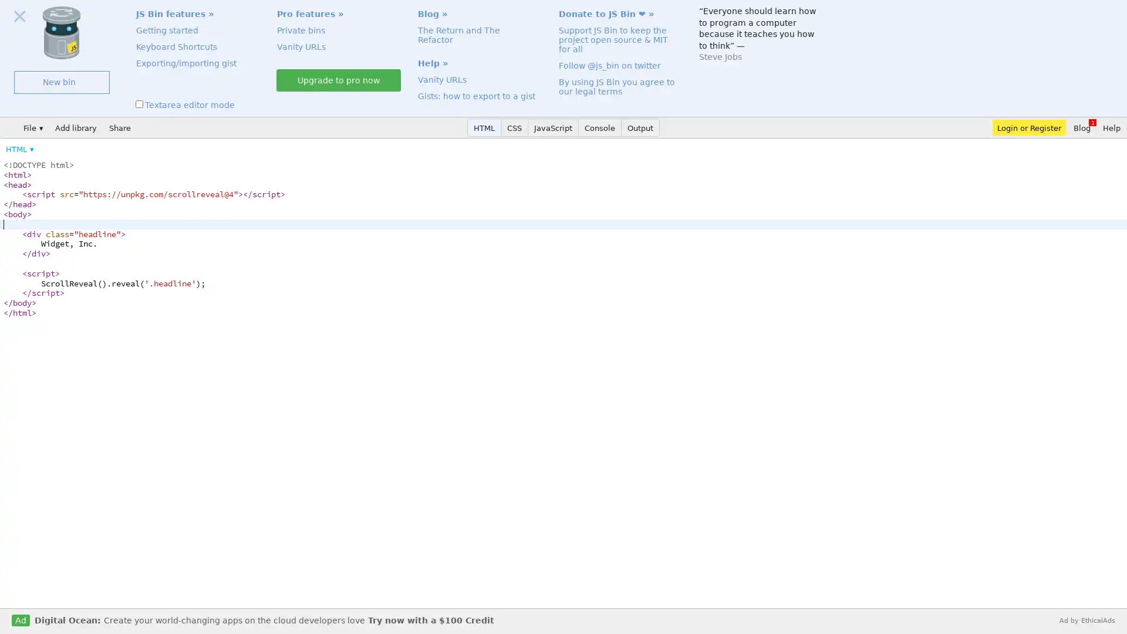  Describe the element at coordinates (552, 127) in the screenshot. I see `JavaScript Panel: Inactive` at that location.